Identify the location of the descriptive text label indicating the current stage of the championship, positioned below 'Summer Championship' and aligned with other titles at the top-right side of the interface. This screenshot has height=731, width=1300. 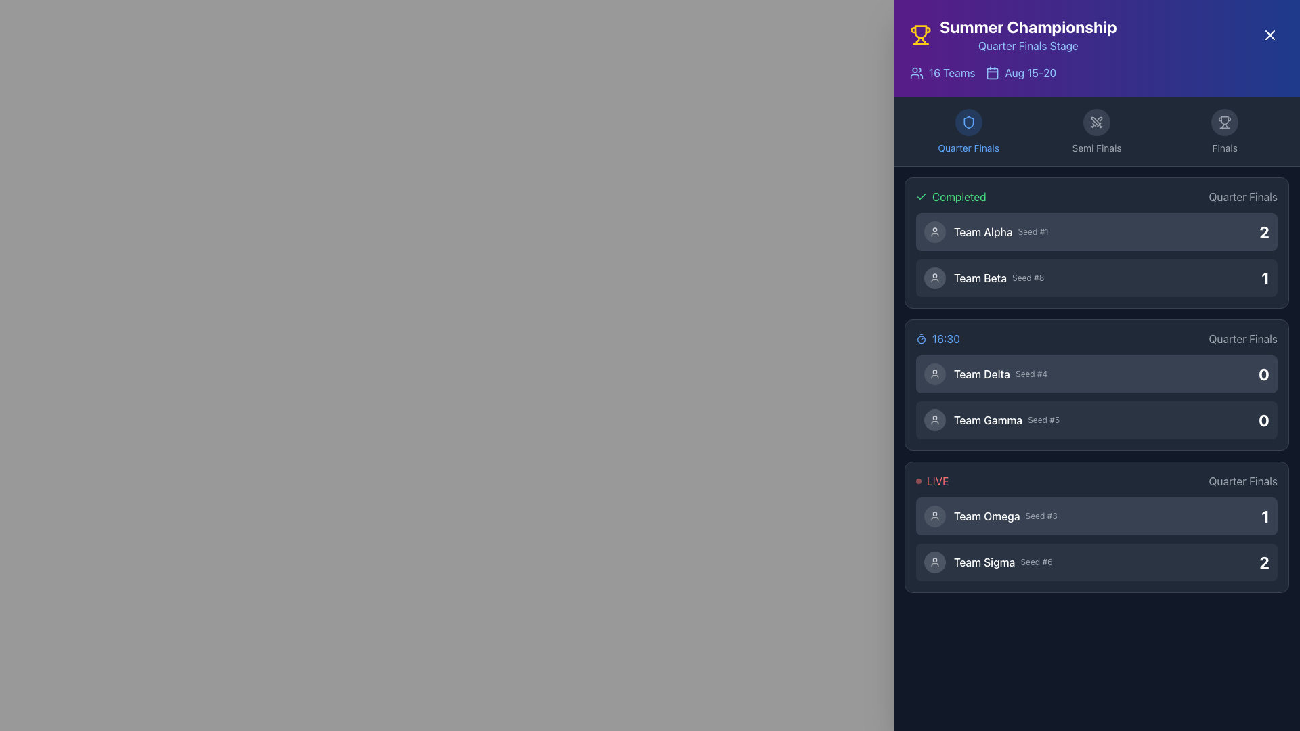
(1028, 45).